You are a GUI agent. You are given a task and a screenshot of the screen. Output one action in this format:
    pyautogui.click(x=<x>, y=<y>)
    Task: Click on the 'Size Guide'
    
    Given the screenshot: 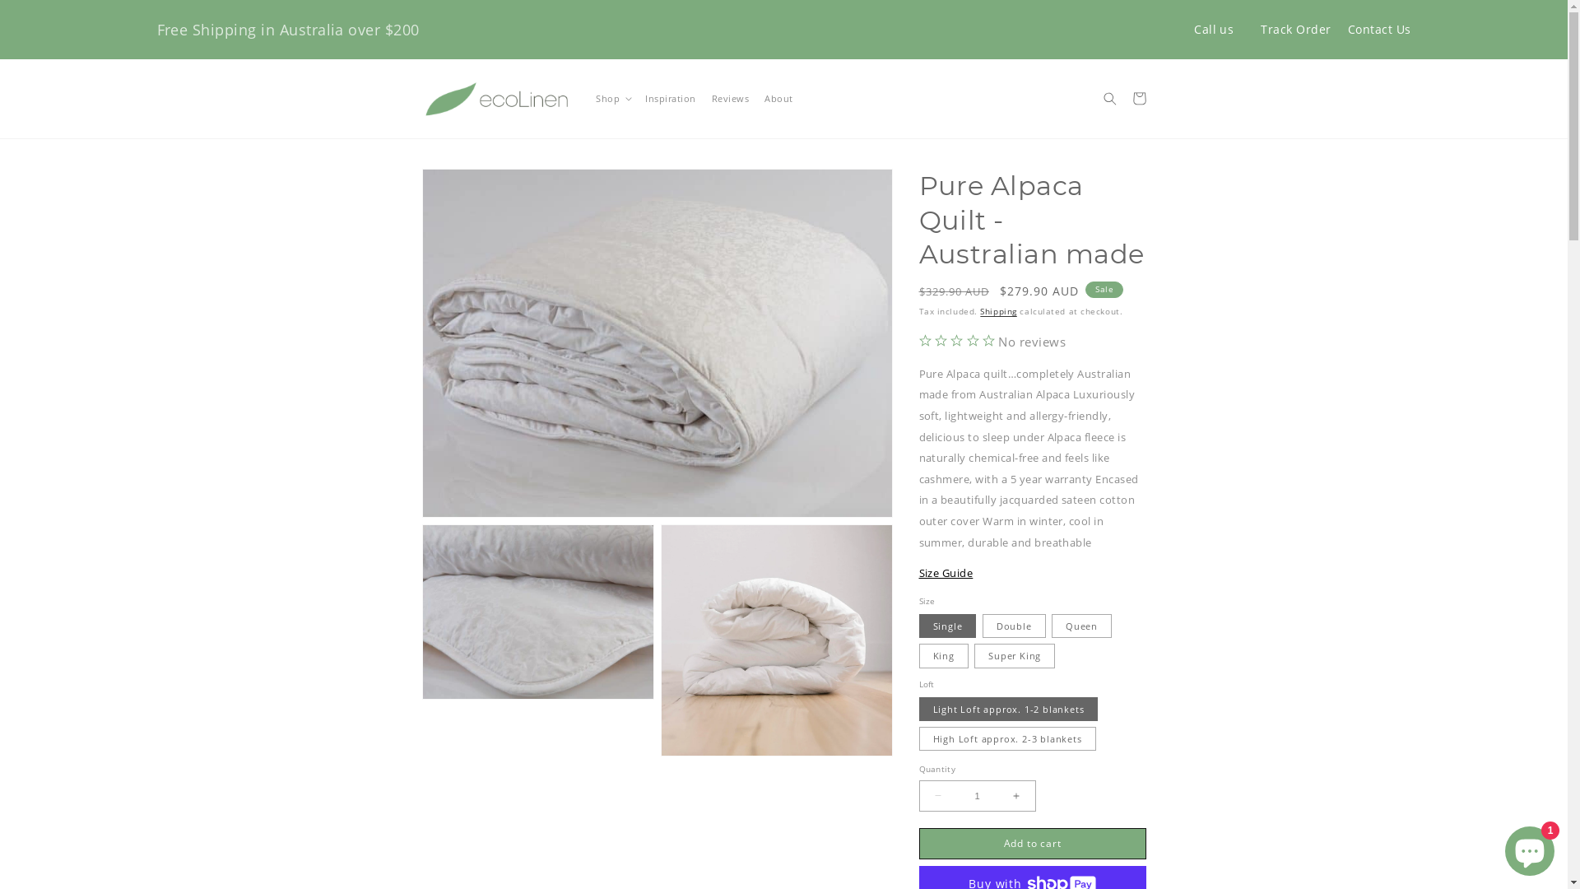 What is the action you would take?
    pyautogui.click(x=945, y=571)
    